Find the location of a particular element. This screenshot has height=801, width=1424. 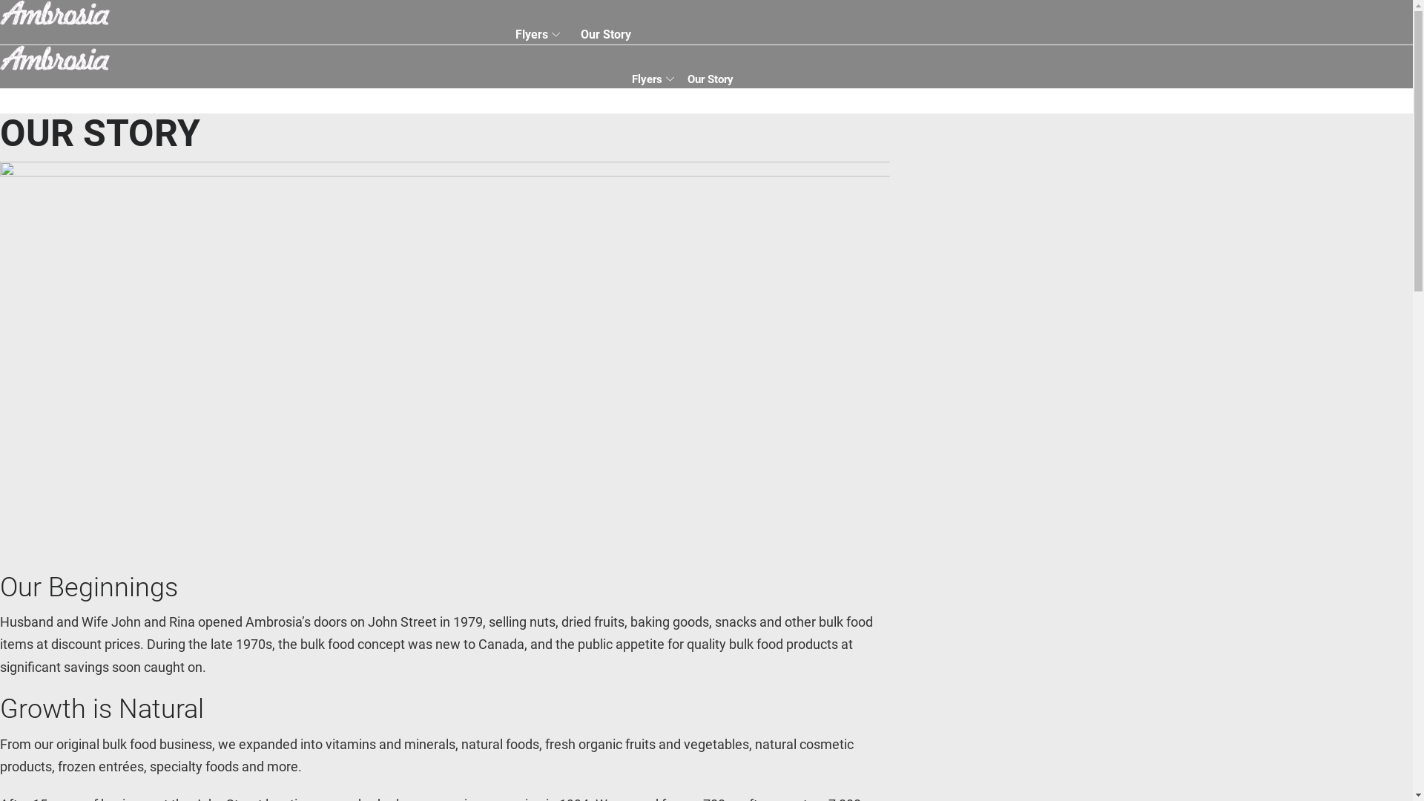

'Our Story' is located at coordinates (710, 79).